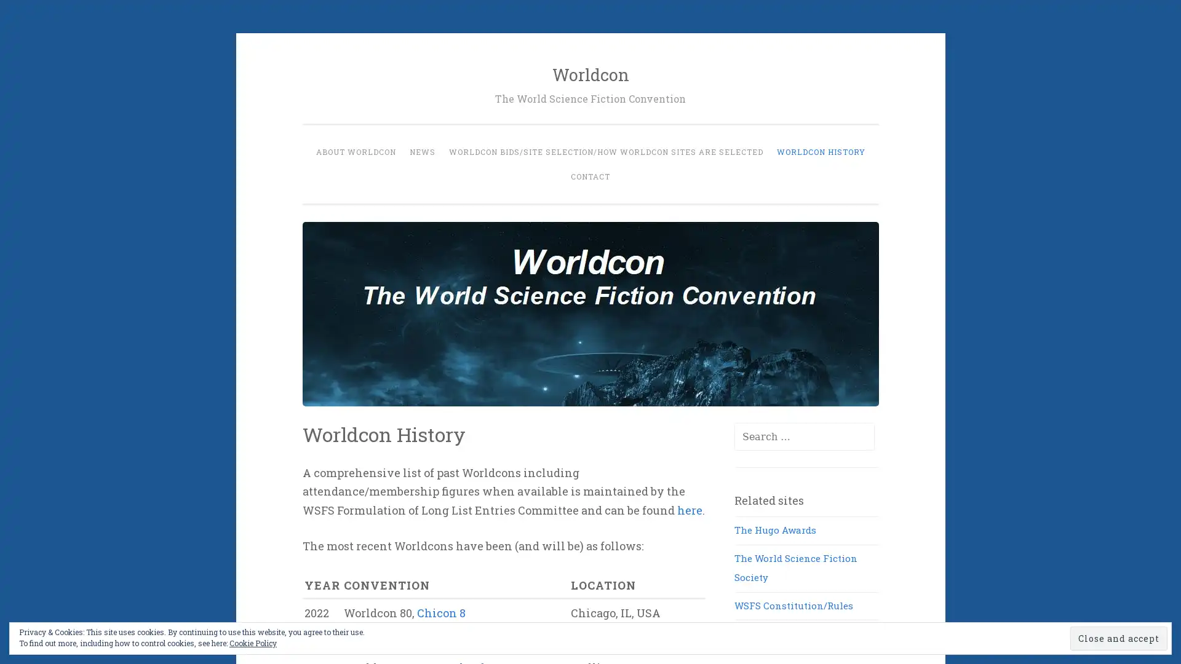 The height and width of the screenshot is (664, 1181). I want to click on Close and accept, so click(1119, 638).